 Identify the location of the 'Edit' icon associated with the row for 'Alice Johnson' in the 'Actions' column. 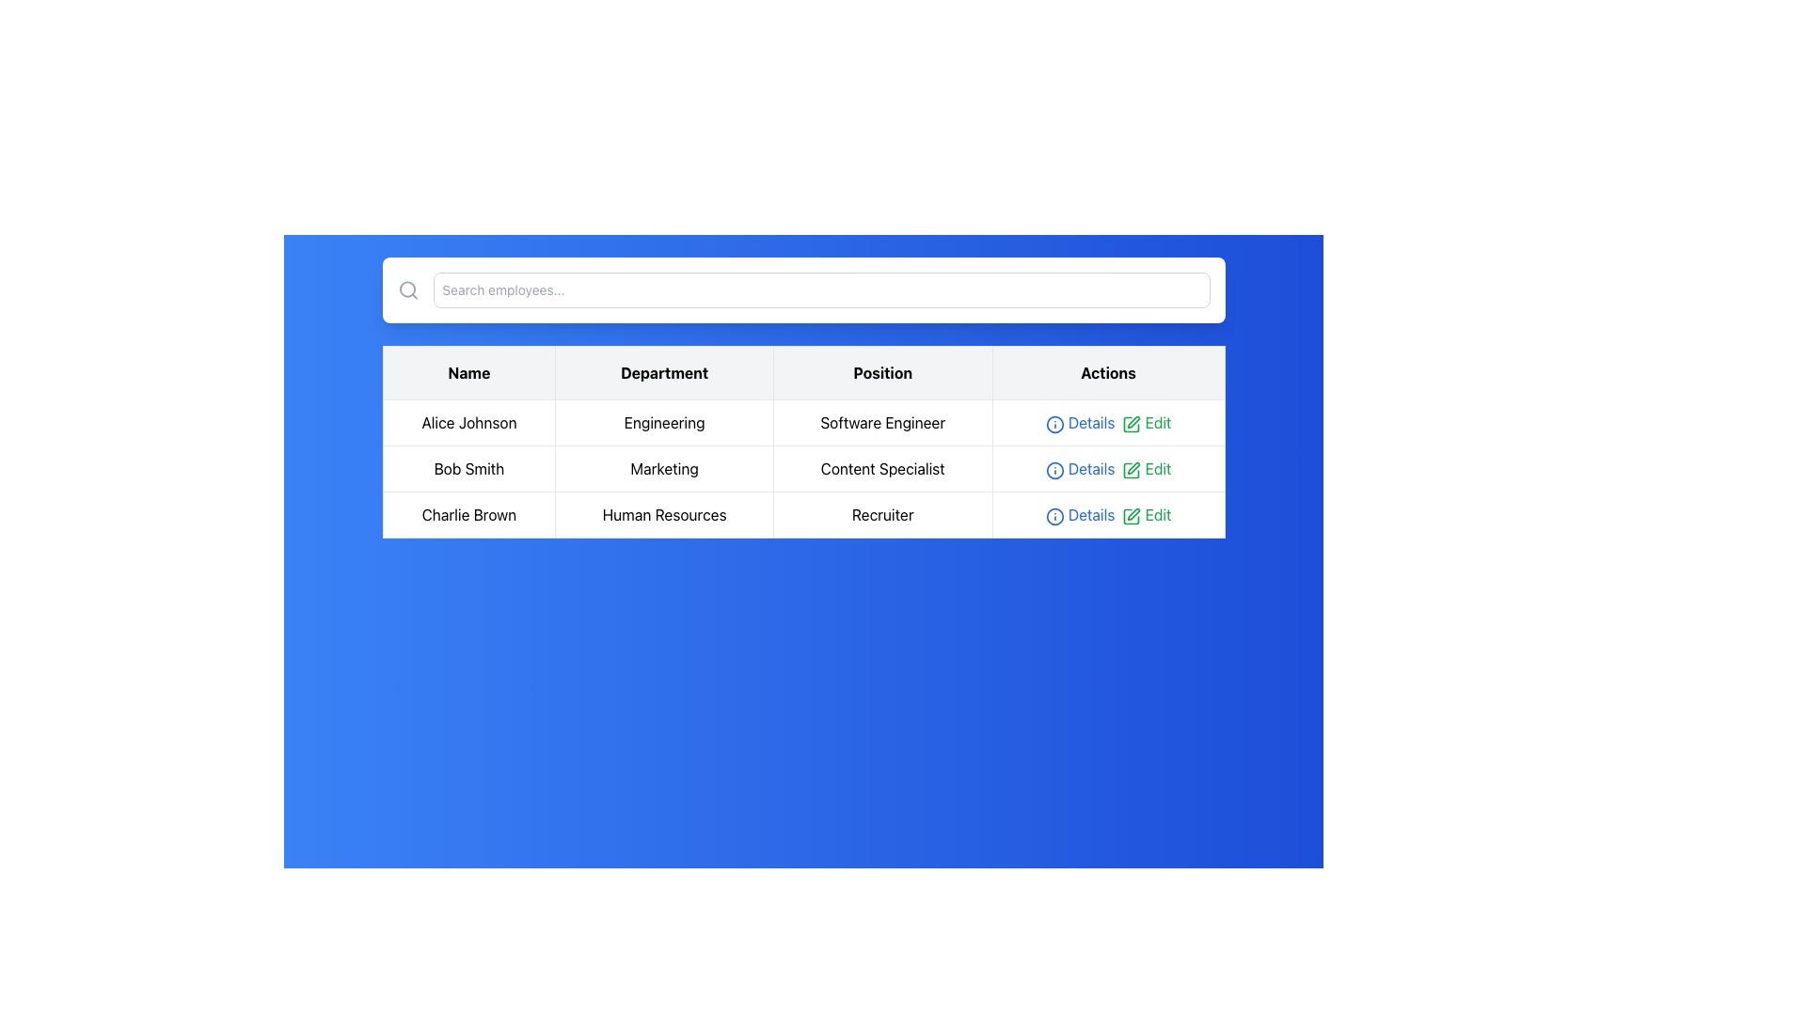
(1131, 424).